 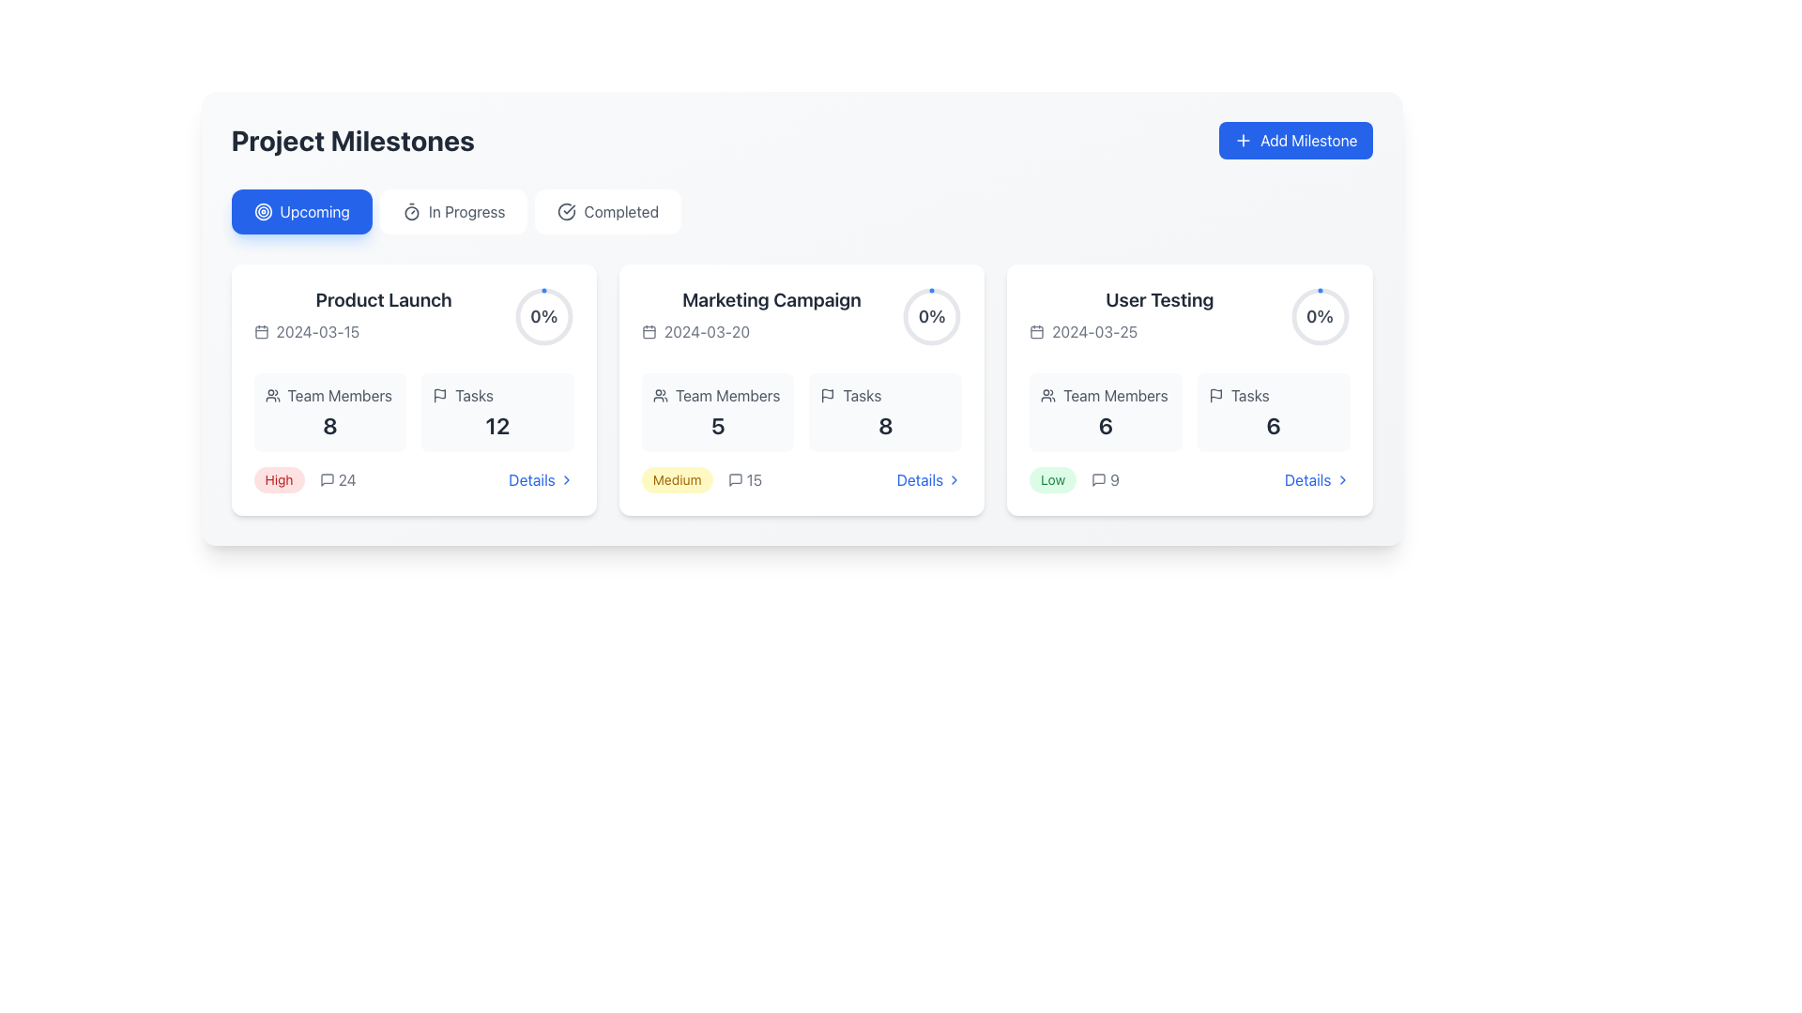 I want to click on the navigation icon located on the right-hand side of the 'Details' text link in the 'Marketing Campaign' section, so click(x=954, y=479).